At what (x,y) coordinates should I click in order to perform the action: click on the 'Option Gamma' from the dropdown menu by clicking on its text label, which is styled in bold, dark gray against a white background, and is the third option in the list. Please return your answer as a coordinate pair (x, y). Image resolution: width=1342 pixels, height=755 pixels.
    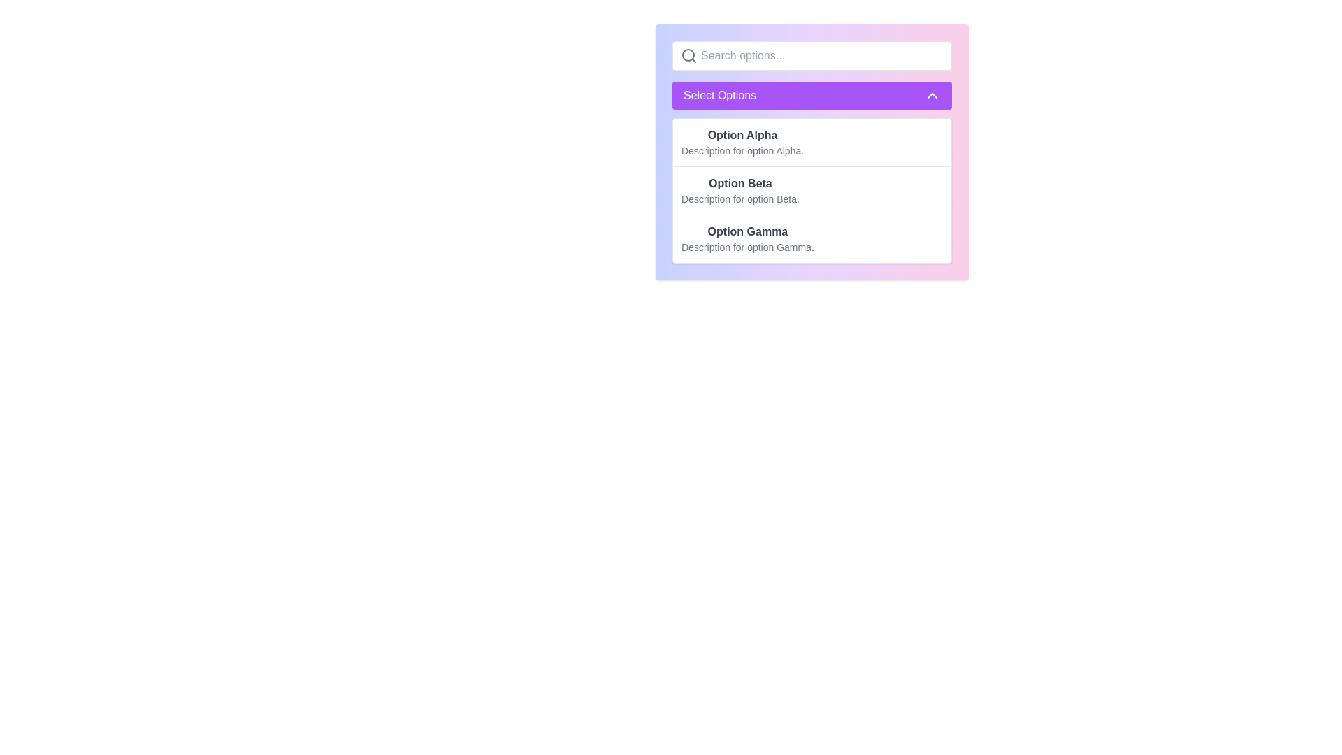
    Looking at the image, I should click on (747, 231).